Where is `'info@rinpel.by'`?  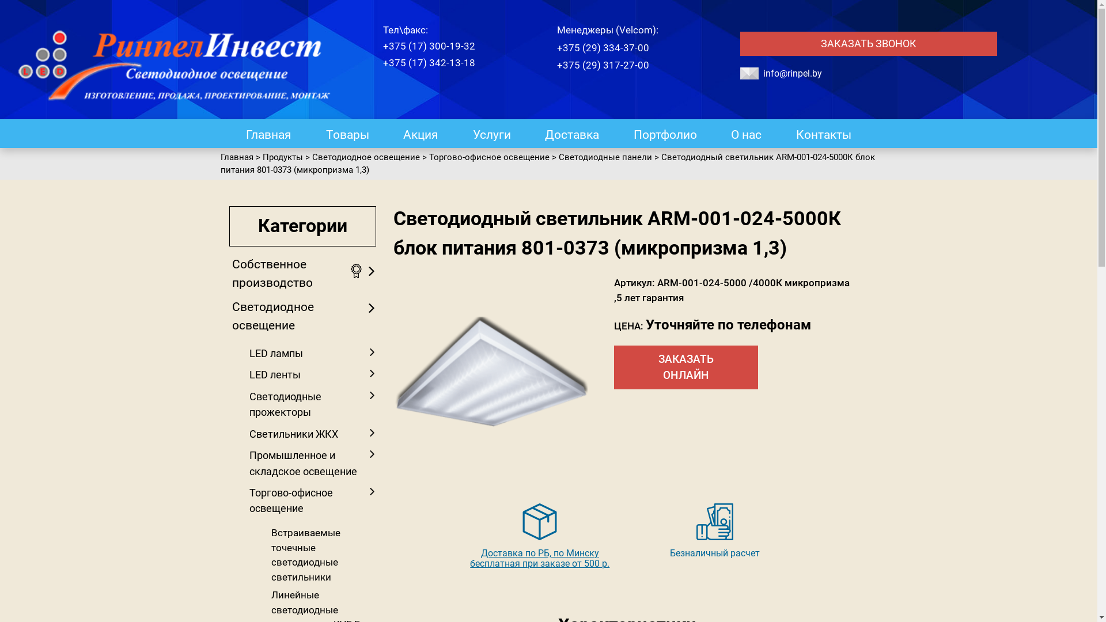 'info@rinpel.by' is located at coordinates (763, 73).